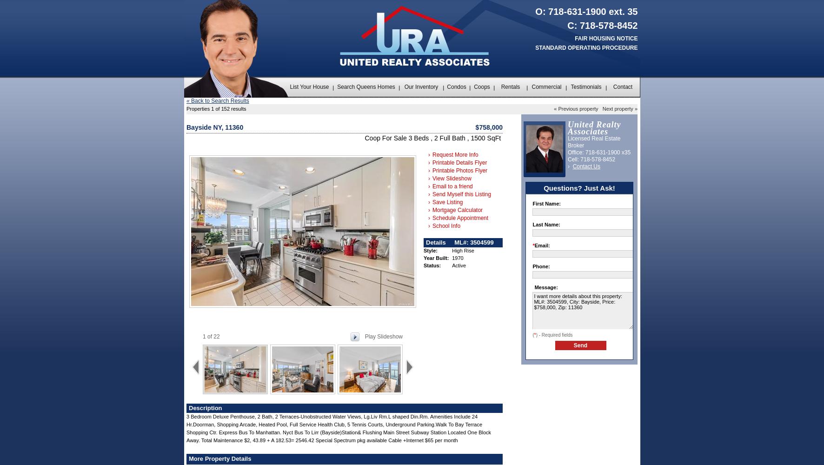 This screenshot has height=465, width=824. What do you see at coordinates (238, 108) in the screenshot?
I see `'results'` at bounding box center [238, 108].